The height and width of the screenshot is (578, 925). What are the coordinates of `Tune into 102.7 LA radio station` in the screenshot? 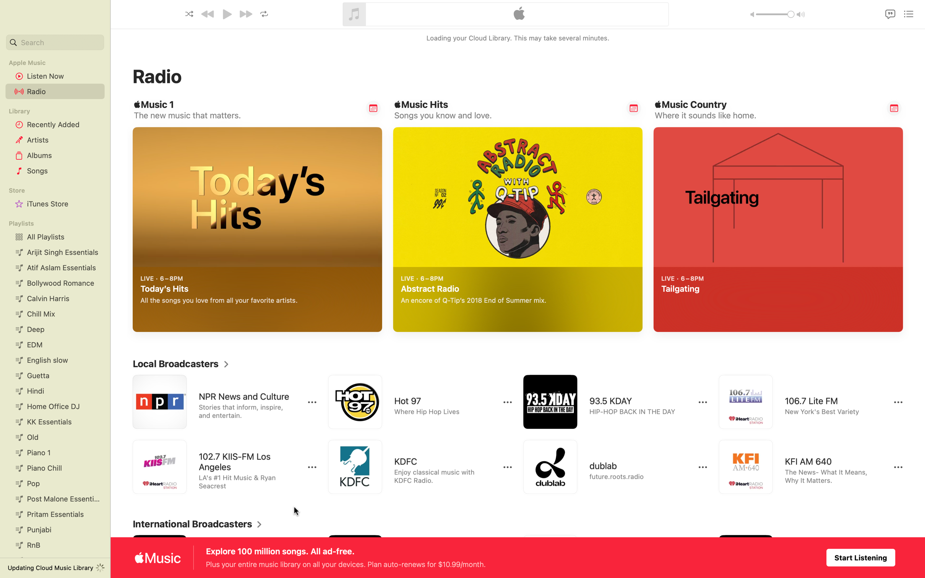 It's located at (216, 468).